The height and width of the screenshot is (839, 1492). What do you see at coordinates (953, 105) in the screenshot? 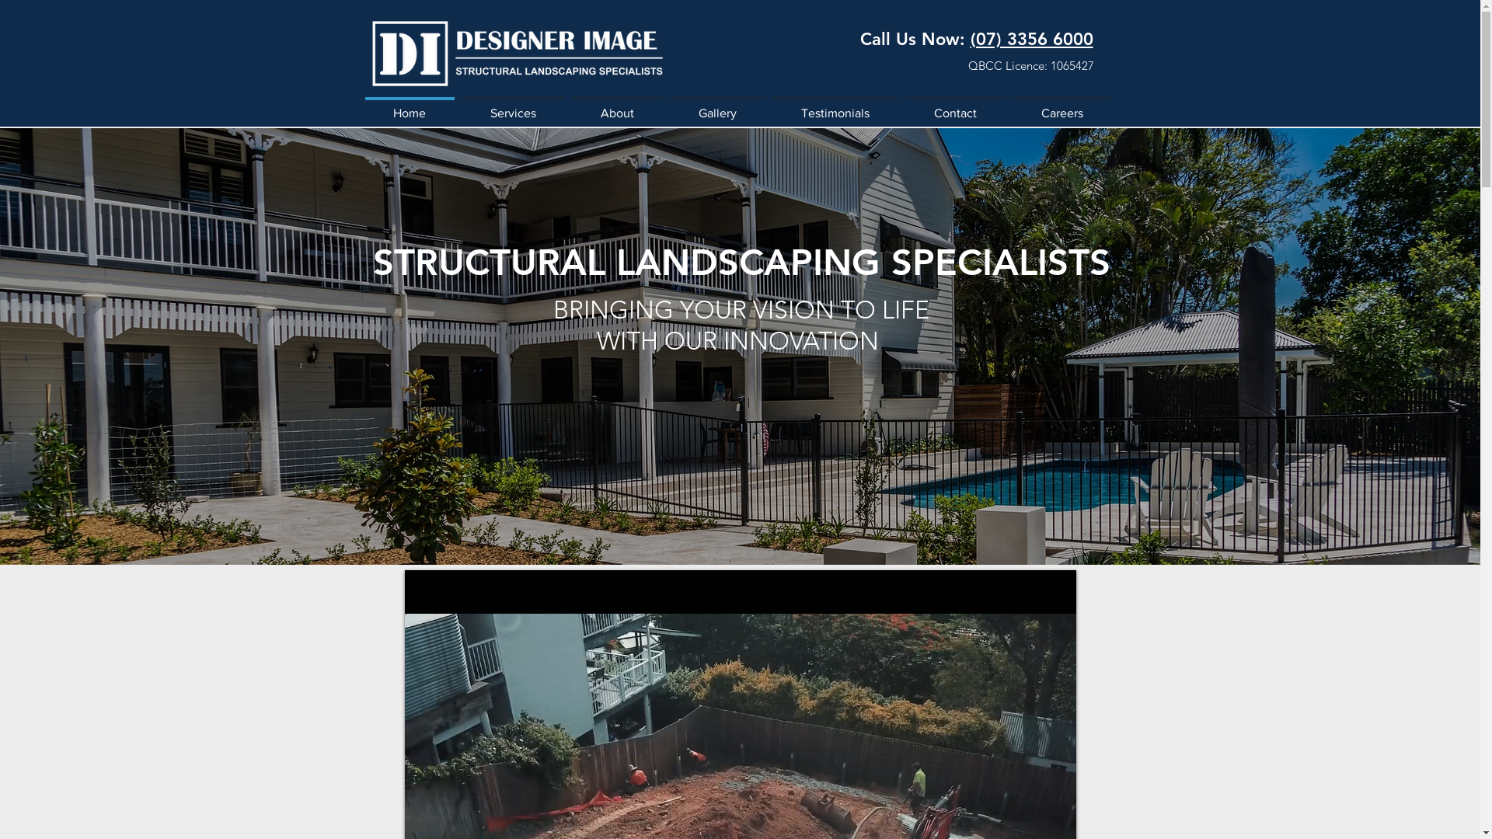
I see `'Contact'` at bounding box center [953, 105].